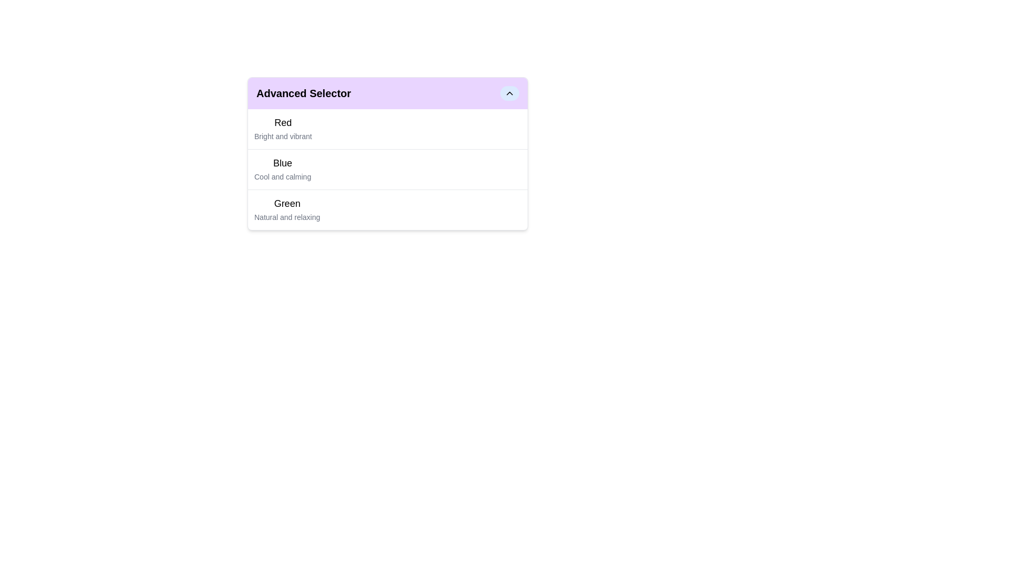 This screenshot has width=1009, height=567. What do you see at coordinates (283, 135) in the screenshot?
I see `the Text label that provides descriptive detail for the 'Red' option in the list, located directly below the title of the 'Red' entry` at bounding box center [283, 135].